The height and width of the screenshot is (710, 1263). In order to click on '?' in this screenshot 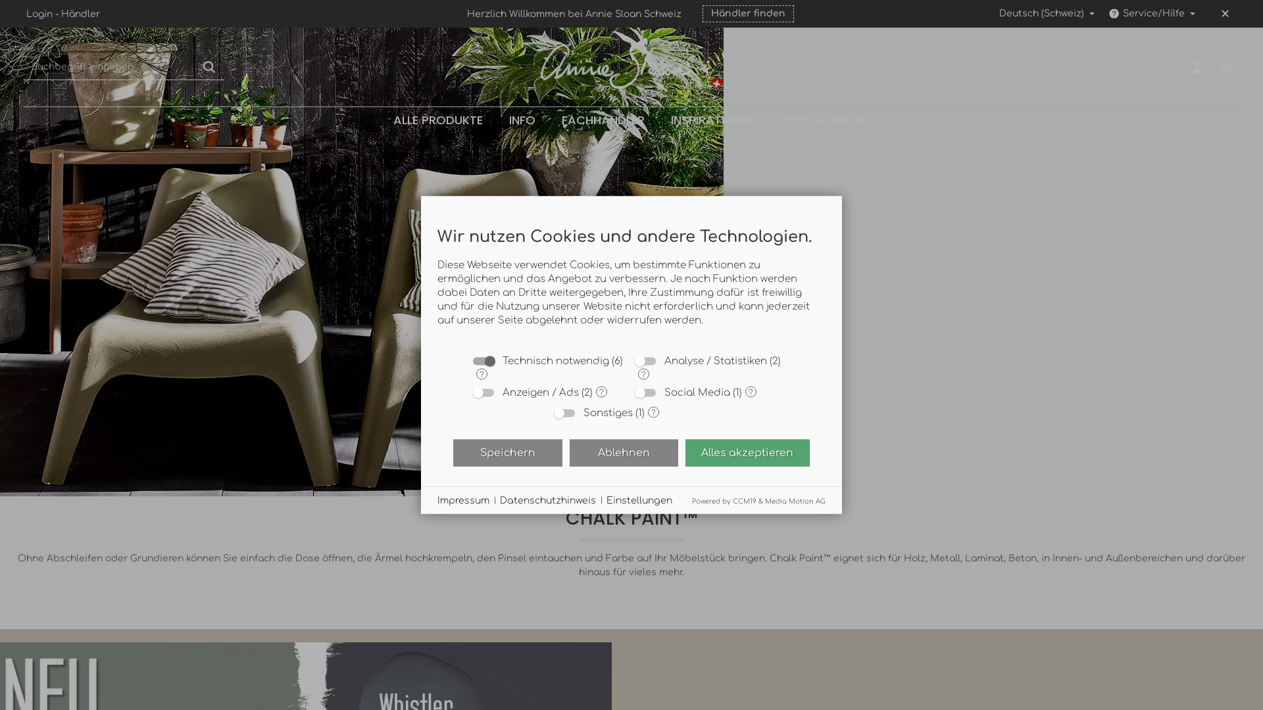, I will do `click(643, 373)`.